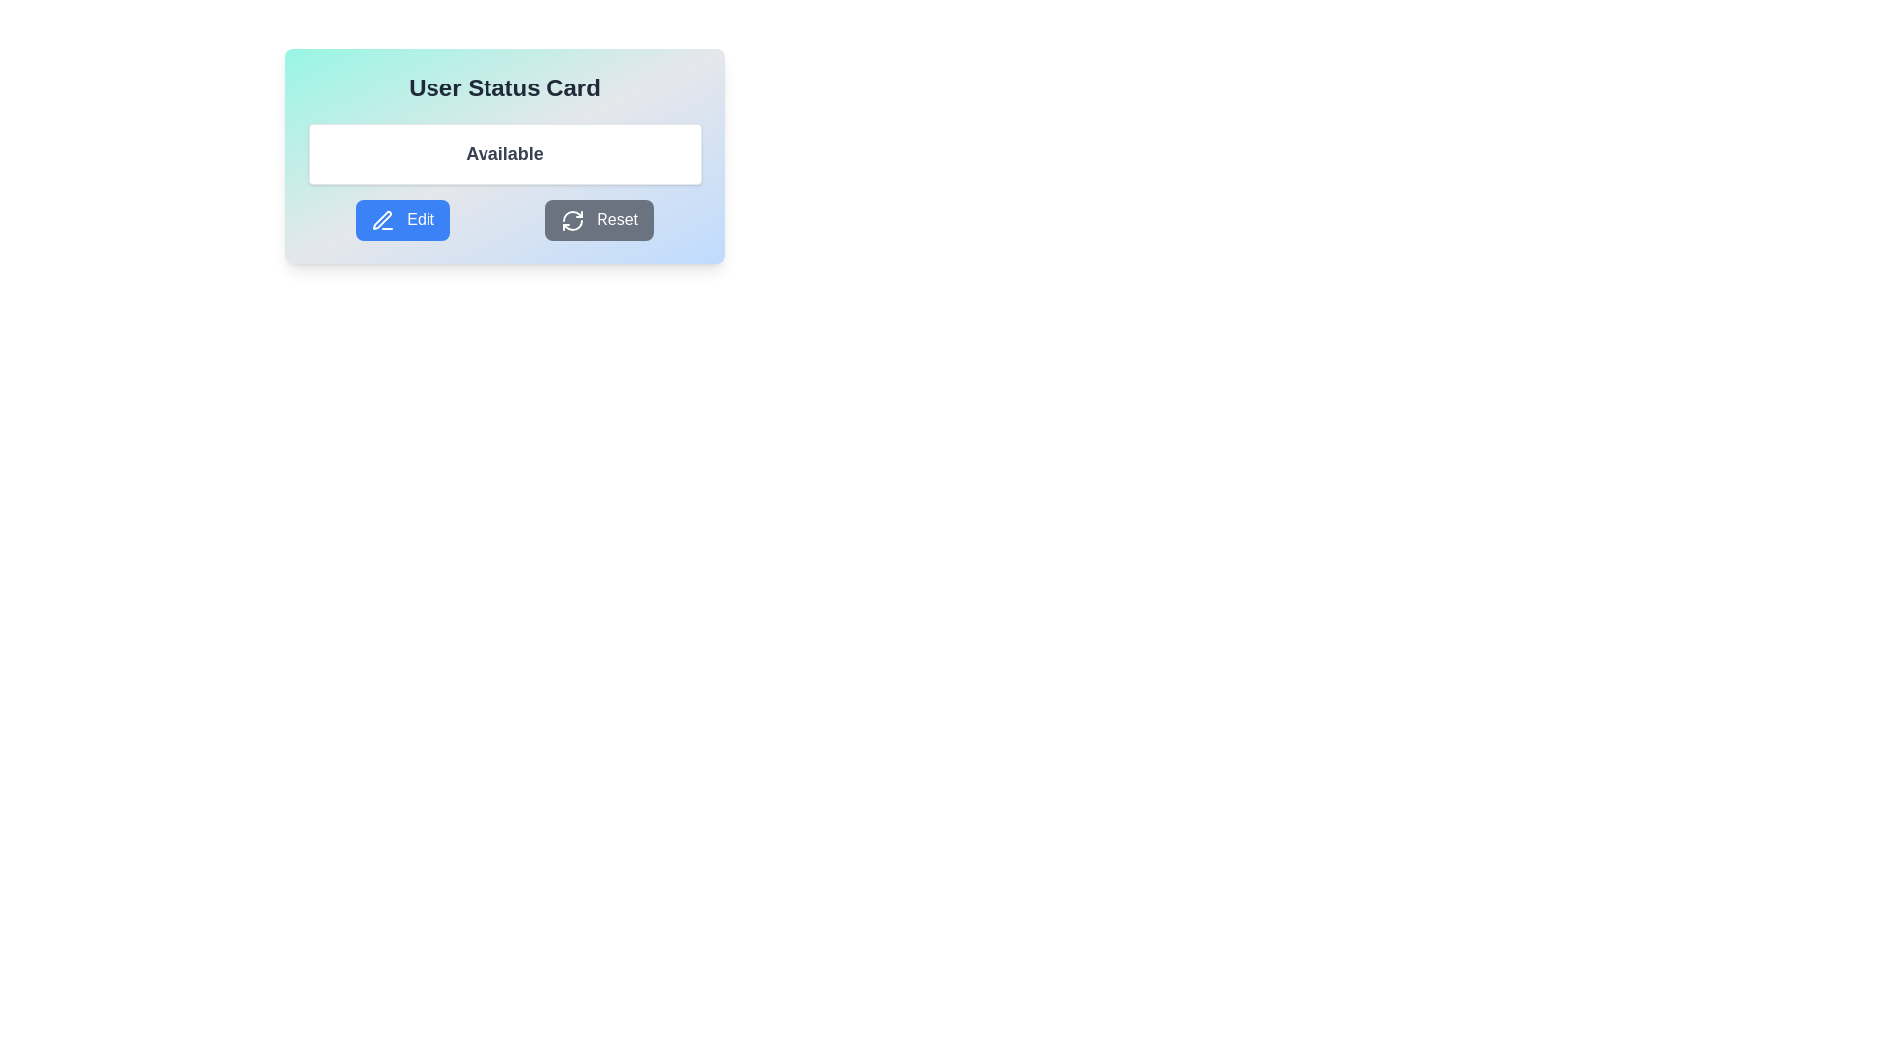  Describe the element at coordinates (504, 153) in the screenshot. I see `the 'Available' status label located in the 'User Status Card' at the top-center of the interface` at that location.